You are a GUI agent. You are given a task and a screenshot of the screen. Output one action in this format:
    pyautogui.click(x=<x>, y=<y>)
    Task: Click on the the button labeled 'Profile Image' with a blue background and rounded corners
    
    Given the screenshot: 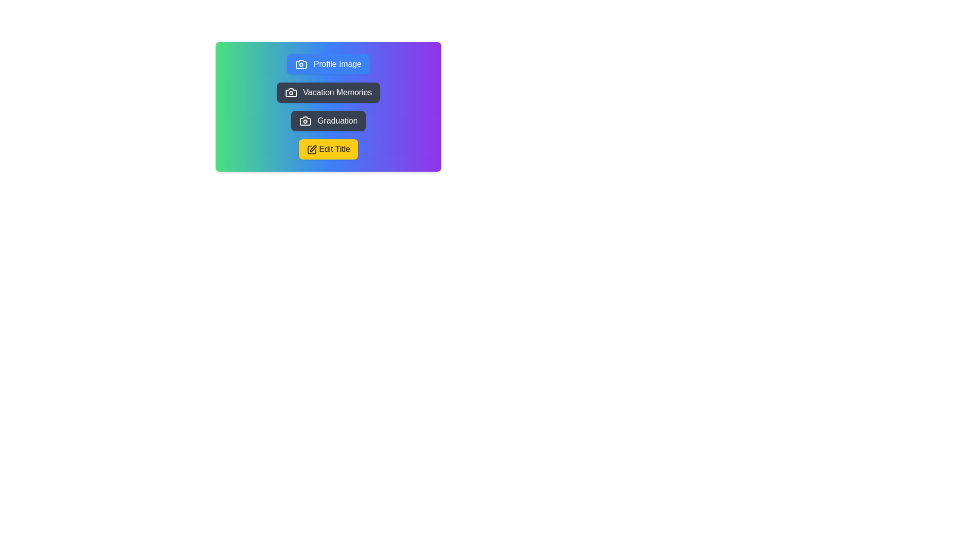 What is the action you would take?
    pyautogui.click(x=328, y=64)
    